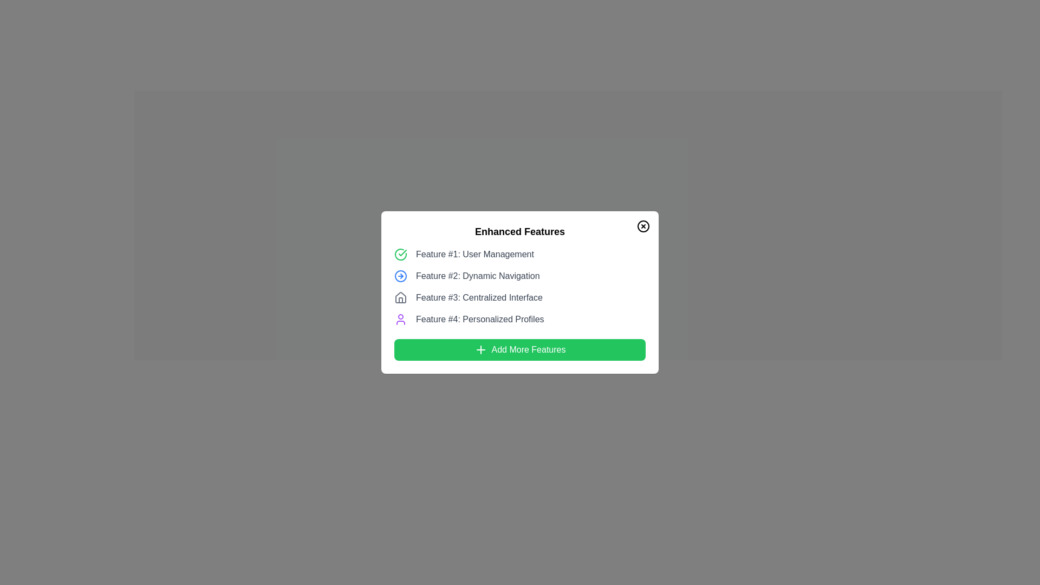 This screenshot has width=1040, height=585. What do you see at coordinates (400, 319) in the screenshot?
I see `the user profile icon with a purple outline, which is positioned to the left of the text 'Feature #4: Personalized Profiles'` at bounding box center [400, 319].